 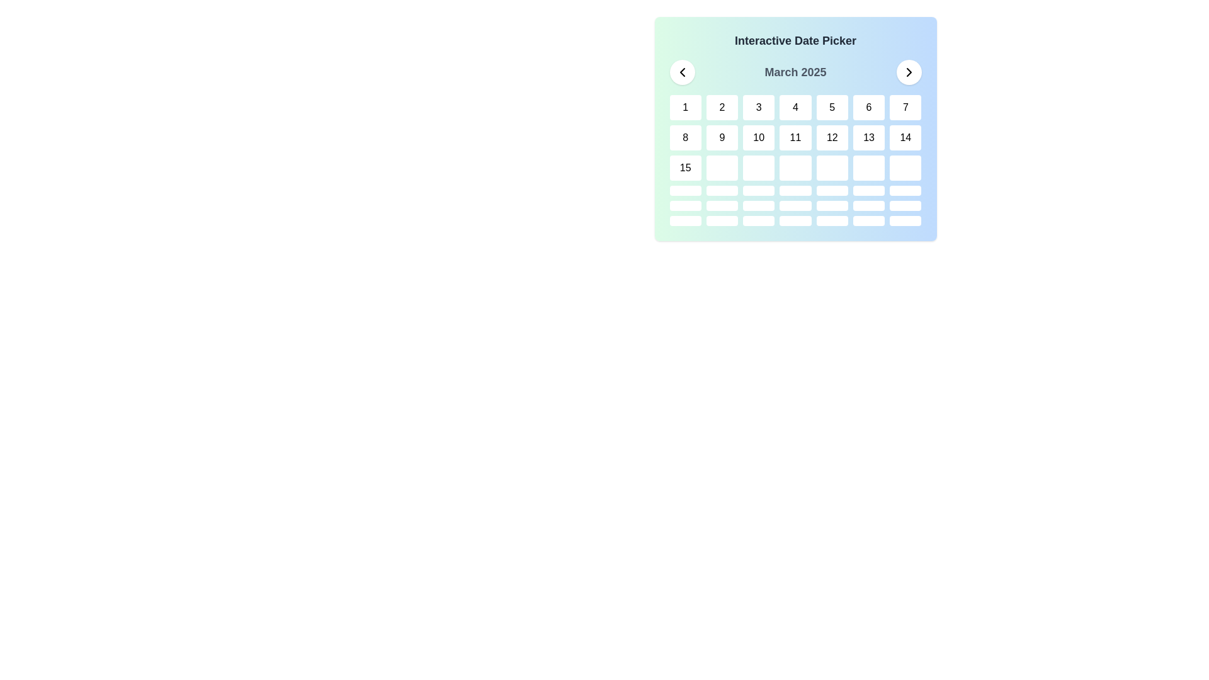 I want to click on the rectangular button displaying the number '4' in the top row, fourth column of the calendar grid, so click(x=795, y=106).